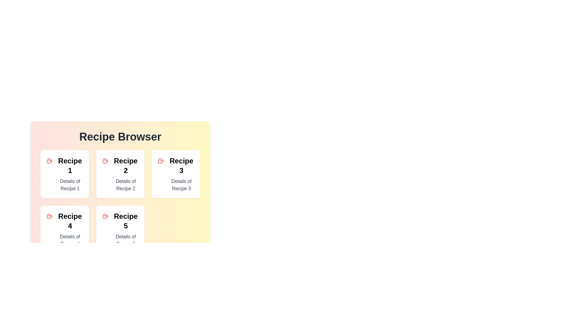 The width and height of the screenshot is (579, 325). Describe the element at coordinates (105, 216) in the screenshot. I see `the red coffee cup icon located in the top-left corner of the 'Recipe 5' card, adjacent to the title text 'Recipe 5'` at that location.